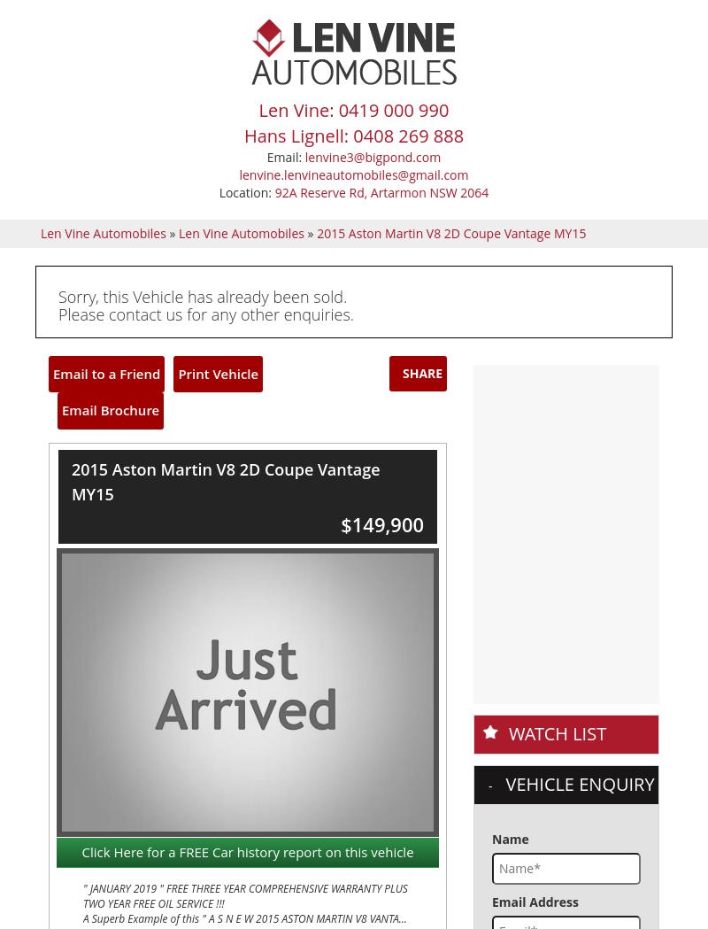 This screenshot has height=929, width=708. Describe the element at coordinates (57, 444) in the screenshot. I see `'lenvine3@bigpond.com'` at that location.